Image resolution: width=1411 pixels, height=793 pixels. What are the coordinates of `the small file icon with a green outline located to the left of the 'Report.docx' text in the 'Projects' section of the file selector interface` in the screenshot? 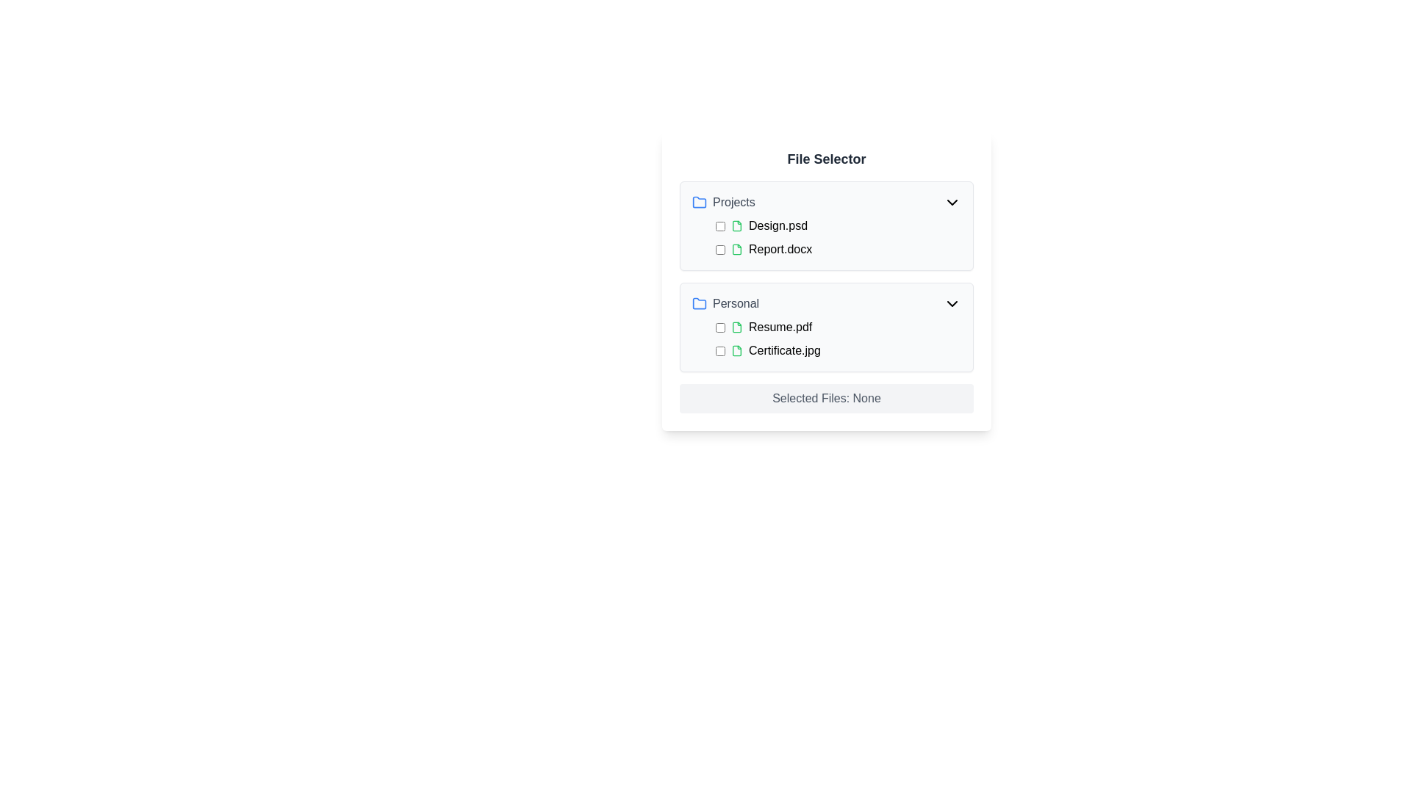 It's located at (737, 248).